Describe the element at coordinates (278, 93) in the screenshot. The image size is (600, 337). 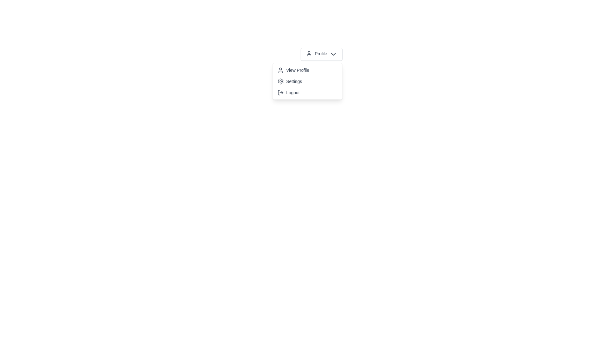
I see `the vertical rectangular segment of the logout icon in the dropdown menu, which is located next to the 'Logout' text` at that location.